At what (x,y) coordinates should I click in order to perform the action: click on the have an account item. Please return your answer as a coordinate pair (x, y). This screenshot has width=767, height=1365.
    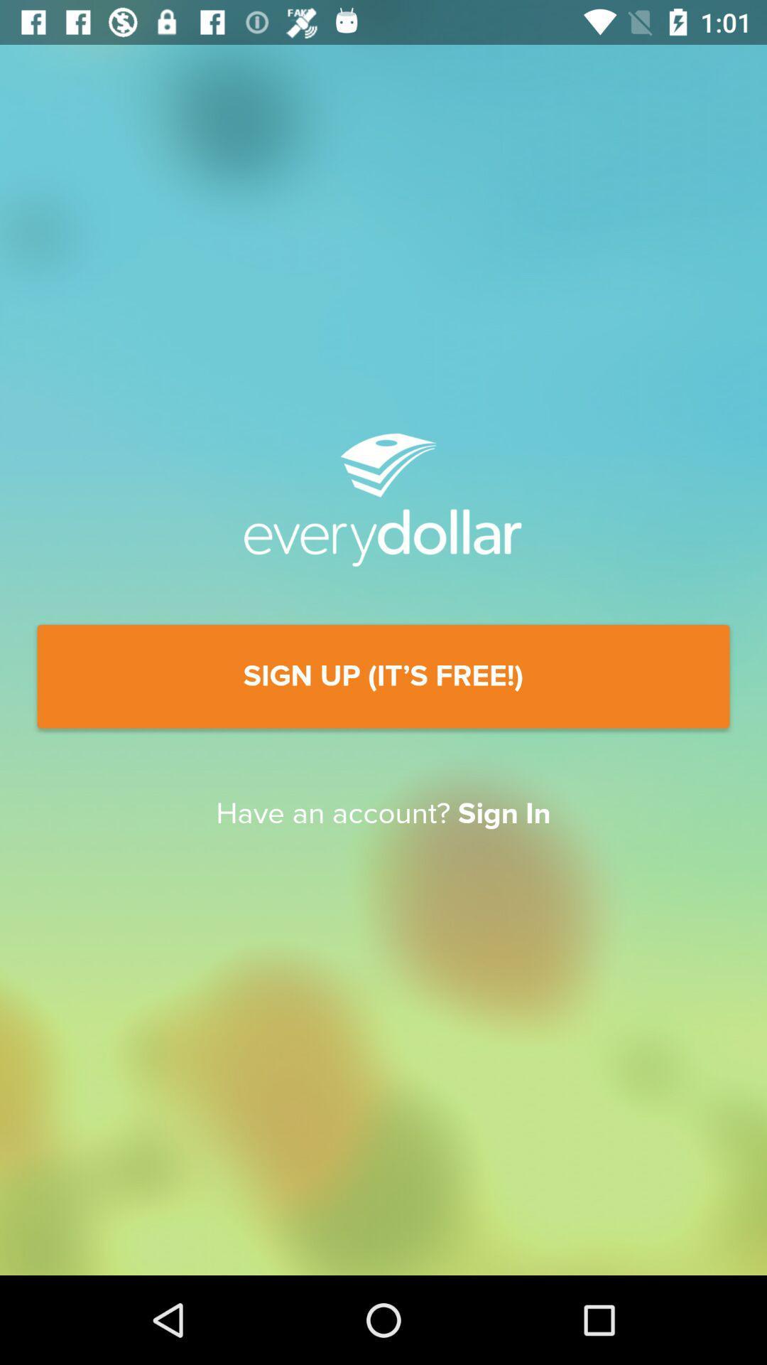
    Looking at the image, I should click on (383, 814).